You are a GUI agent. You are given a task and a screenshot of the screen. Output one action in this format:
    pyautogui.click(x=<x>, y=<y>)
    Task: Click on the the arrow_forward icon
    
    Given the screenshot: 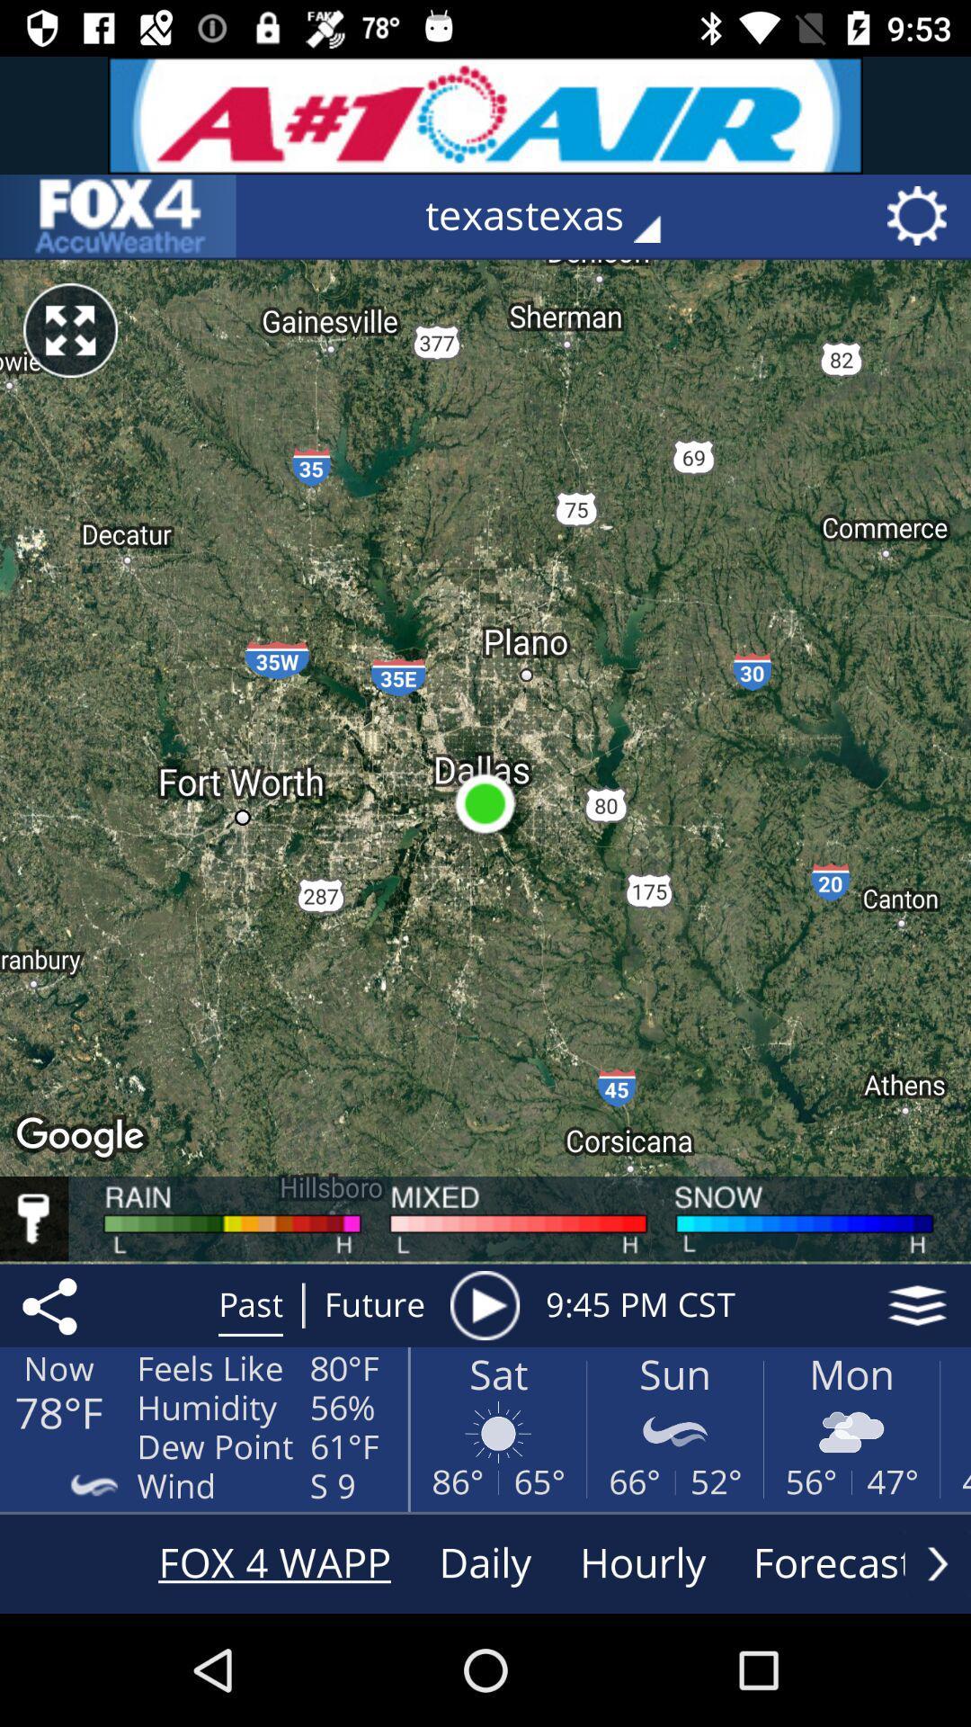 What is the action you would take?
    pyautogui.click(x=937, y=1562)
    